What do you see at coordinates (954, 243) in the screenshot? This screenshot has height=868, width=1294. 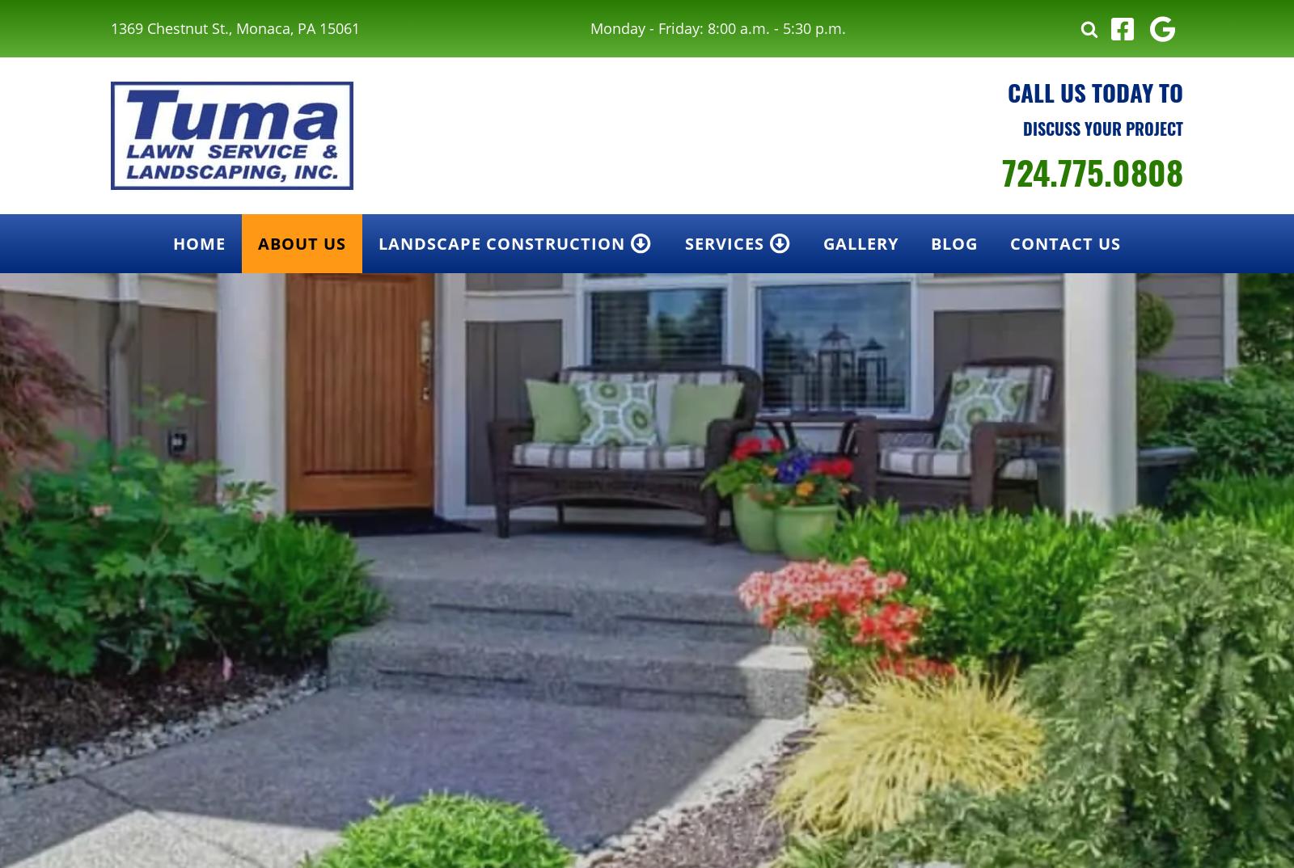 I see `'Blog'` at bounding box center [954, 243].